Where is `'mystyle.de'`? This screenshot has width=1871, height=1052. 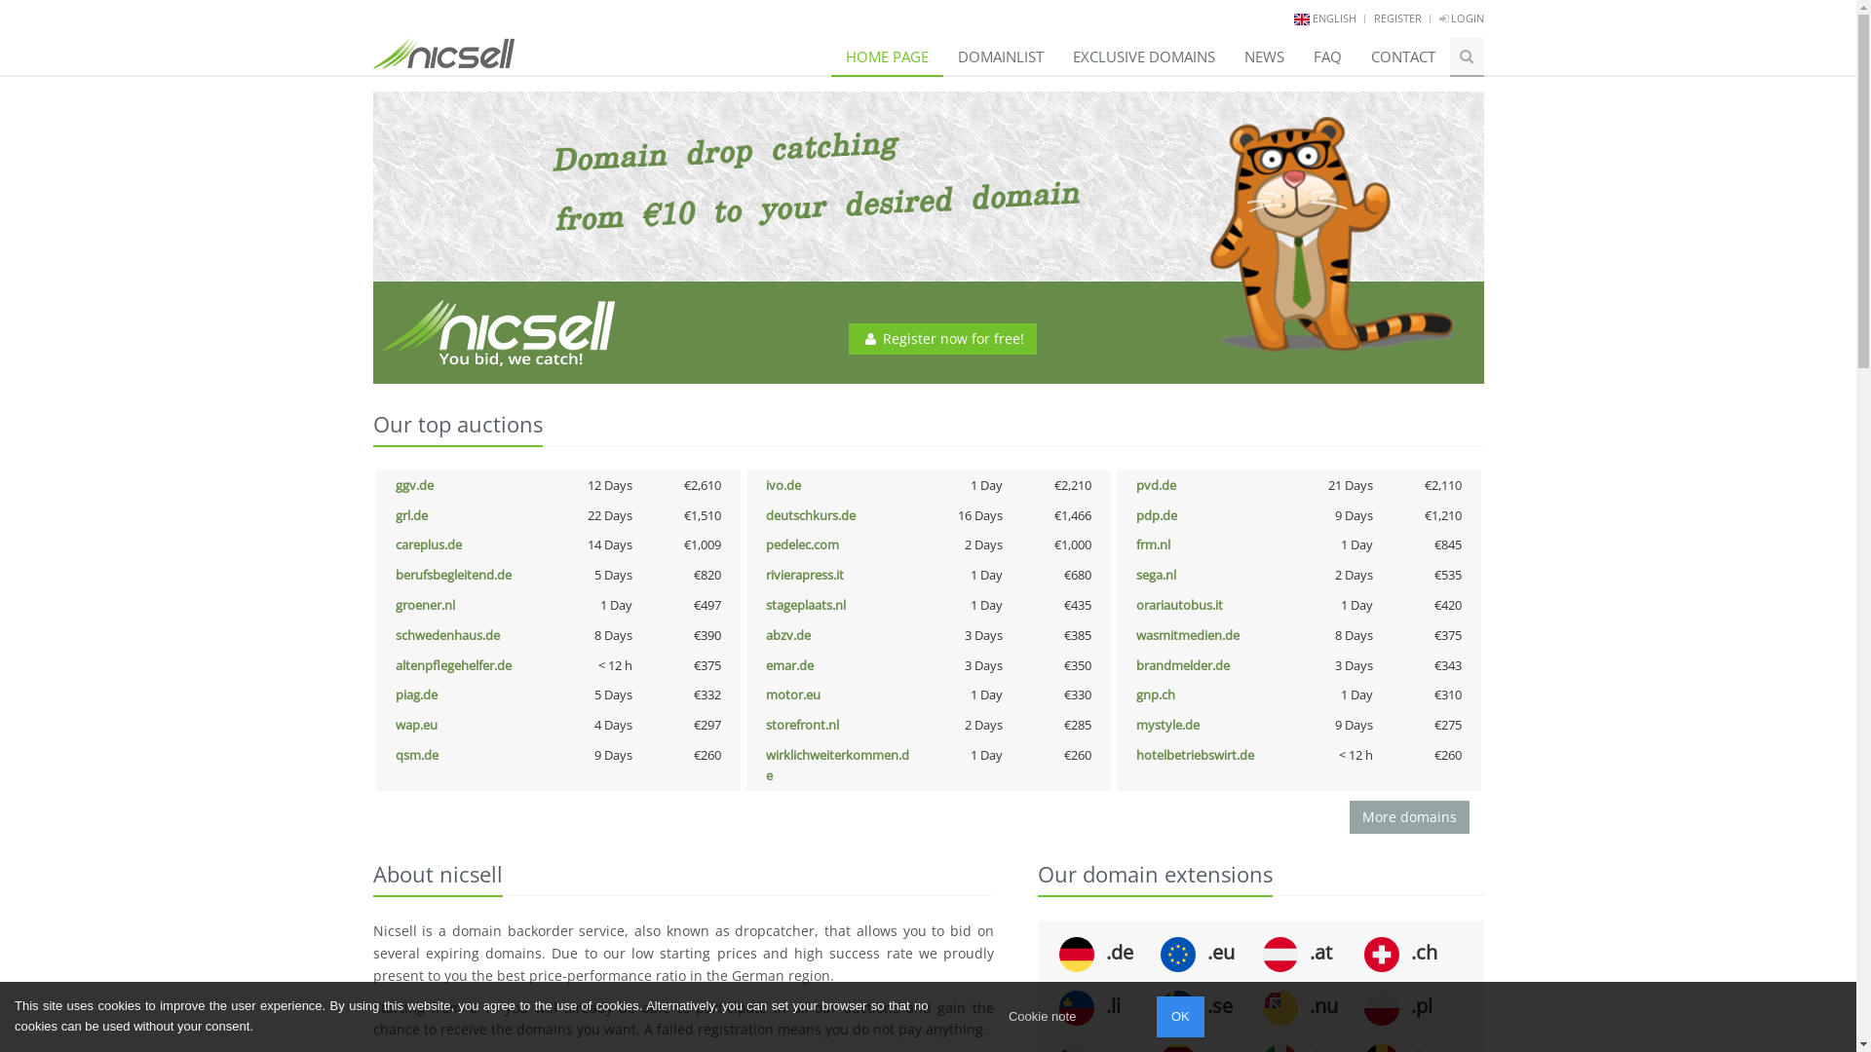
'mystyle.de' is located at coordinates (1167, 725).